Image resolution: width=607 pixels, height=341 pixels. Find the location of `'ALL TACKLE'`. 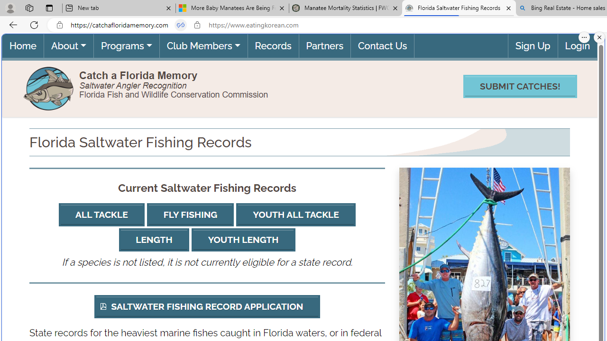

'ALL TACKLE' is located at coordinates (101, 215).